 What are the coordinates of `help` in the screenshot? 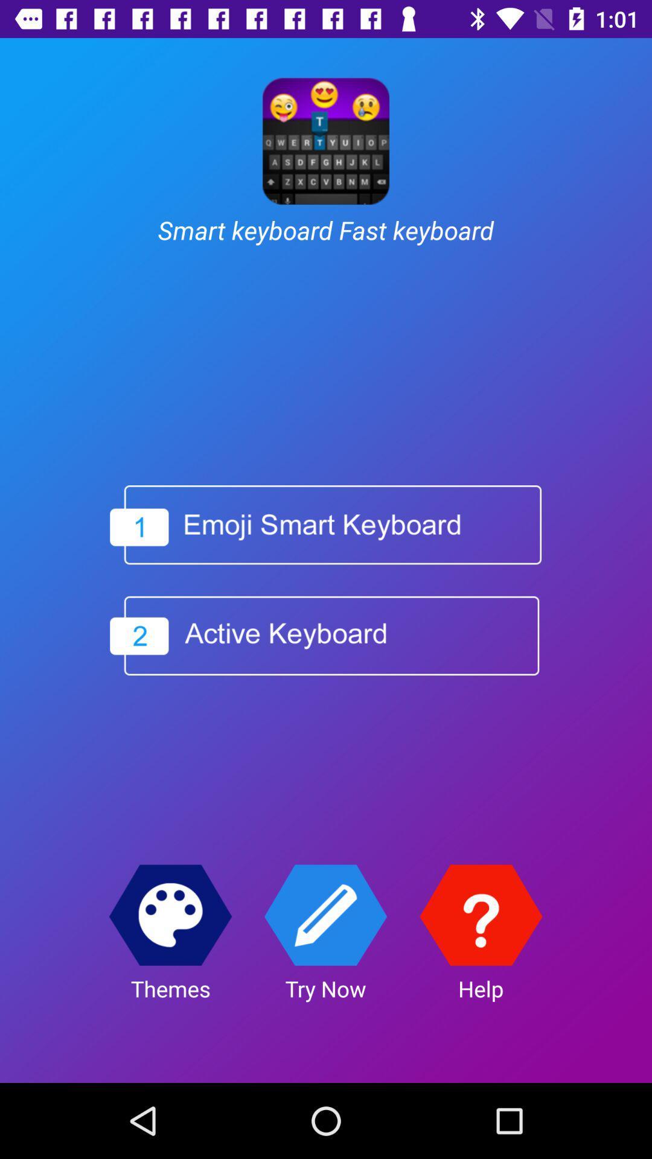 It's located at (480, 915).